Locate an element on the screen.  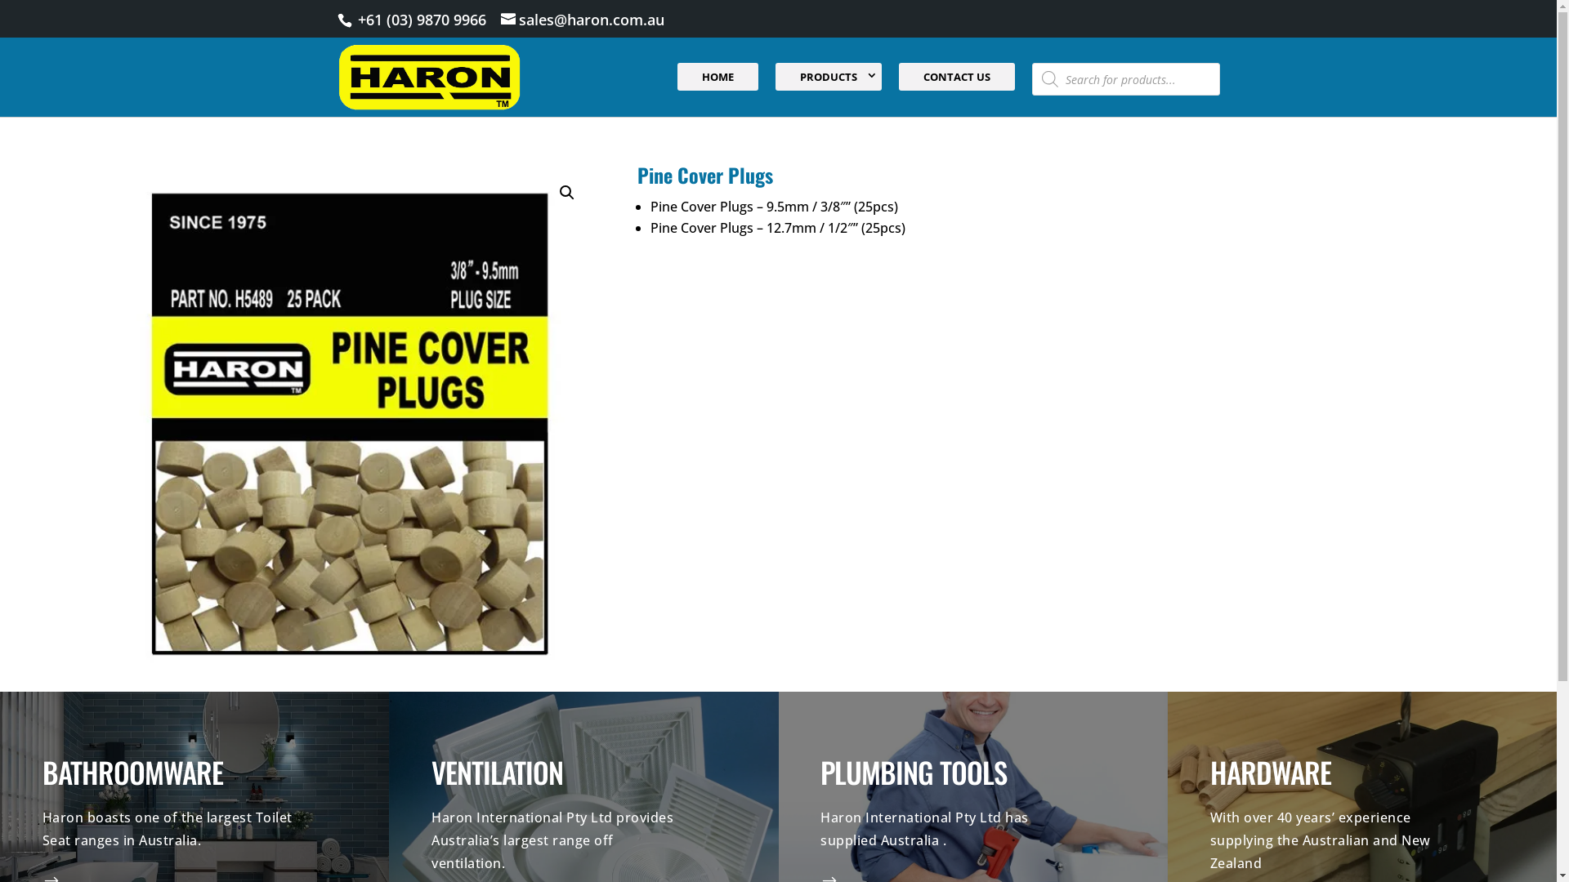
'HOME' is located at coordinates (717, 76).